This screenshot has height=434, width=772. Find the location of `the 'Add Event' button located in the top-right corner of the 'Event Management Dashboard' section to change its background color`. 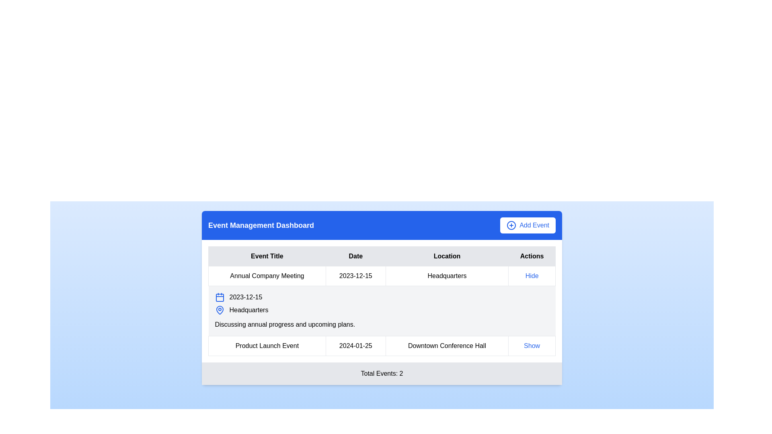

the 'Add Event' button located in the top-right corner of the 'Event Management Dashboard' section to change its background color is located at coordinates (528, 225).